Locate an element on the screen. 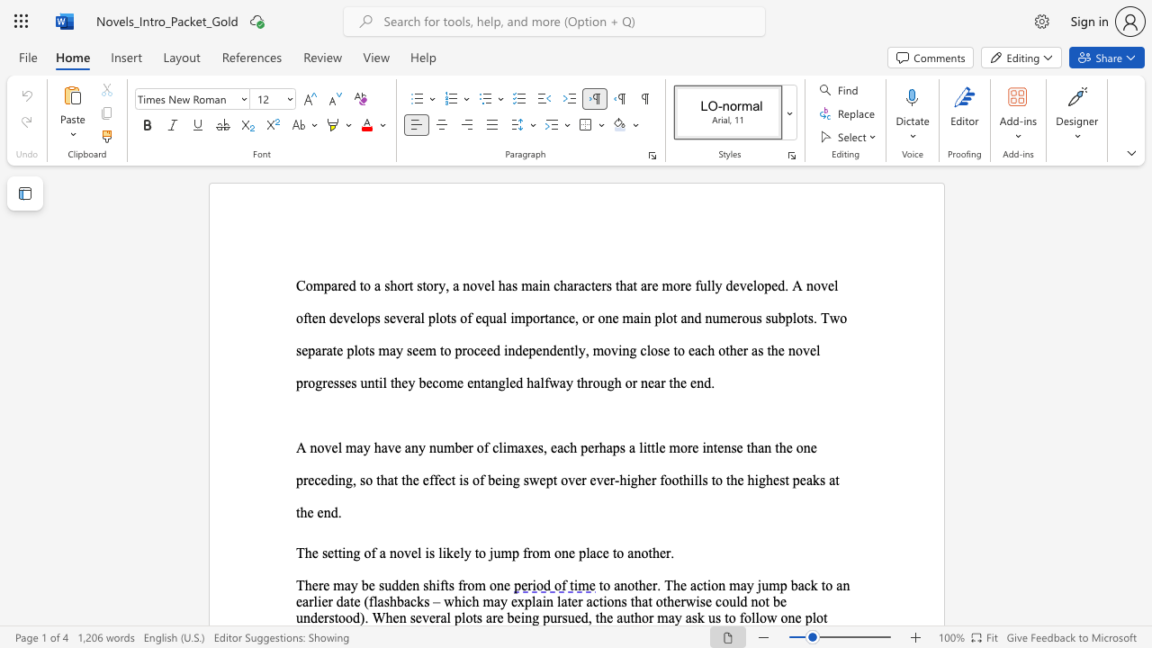 The image size is (1152, 648). the subset text "em t" within the text "subplots. Two separate plots may seem to" is located at coordinates (418, 350).